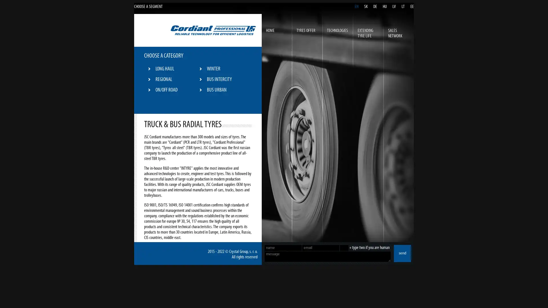 The width and height of the screenshot is (548, 308). What do you see at coordinates (402, 253) in the screenshot?
I see `send` at bounding box center [402, 253].